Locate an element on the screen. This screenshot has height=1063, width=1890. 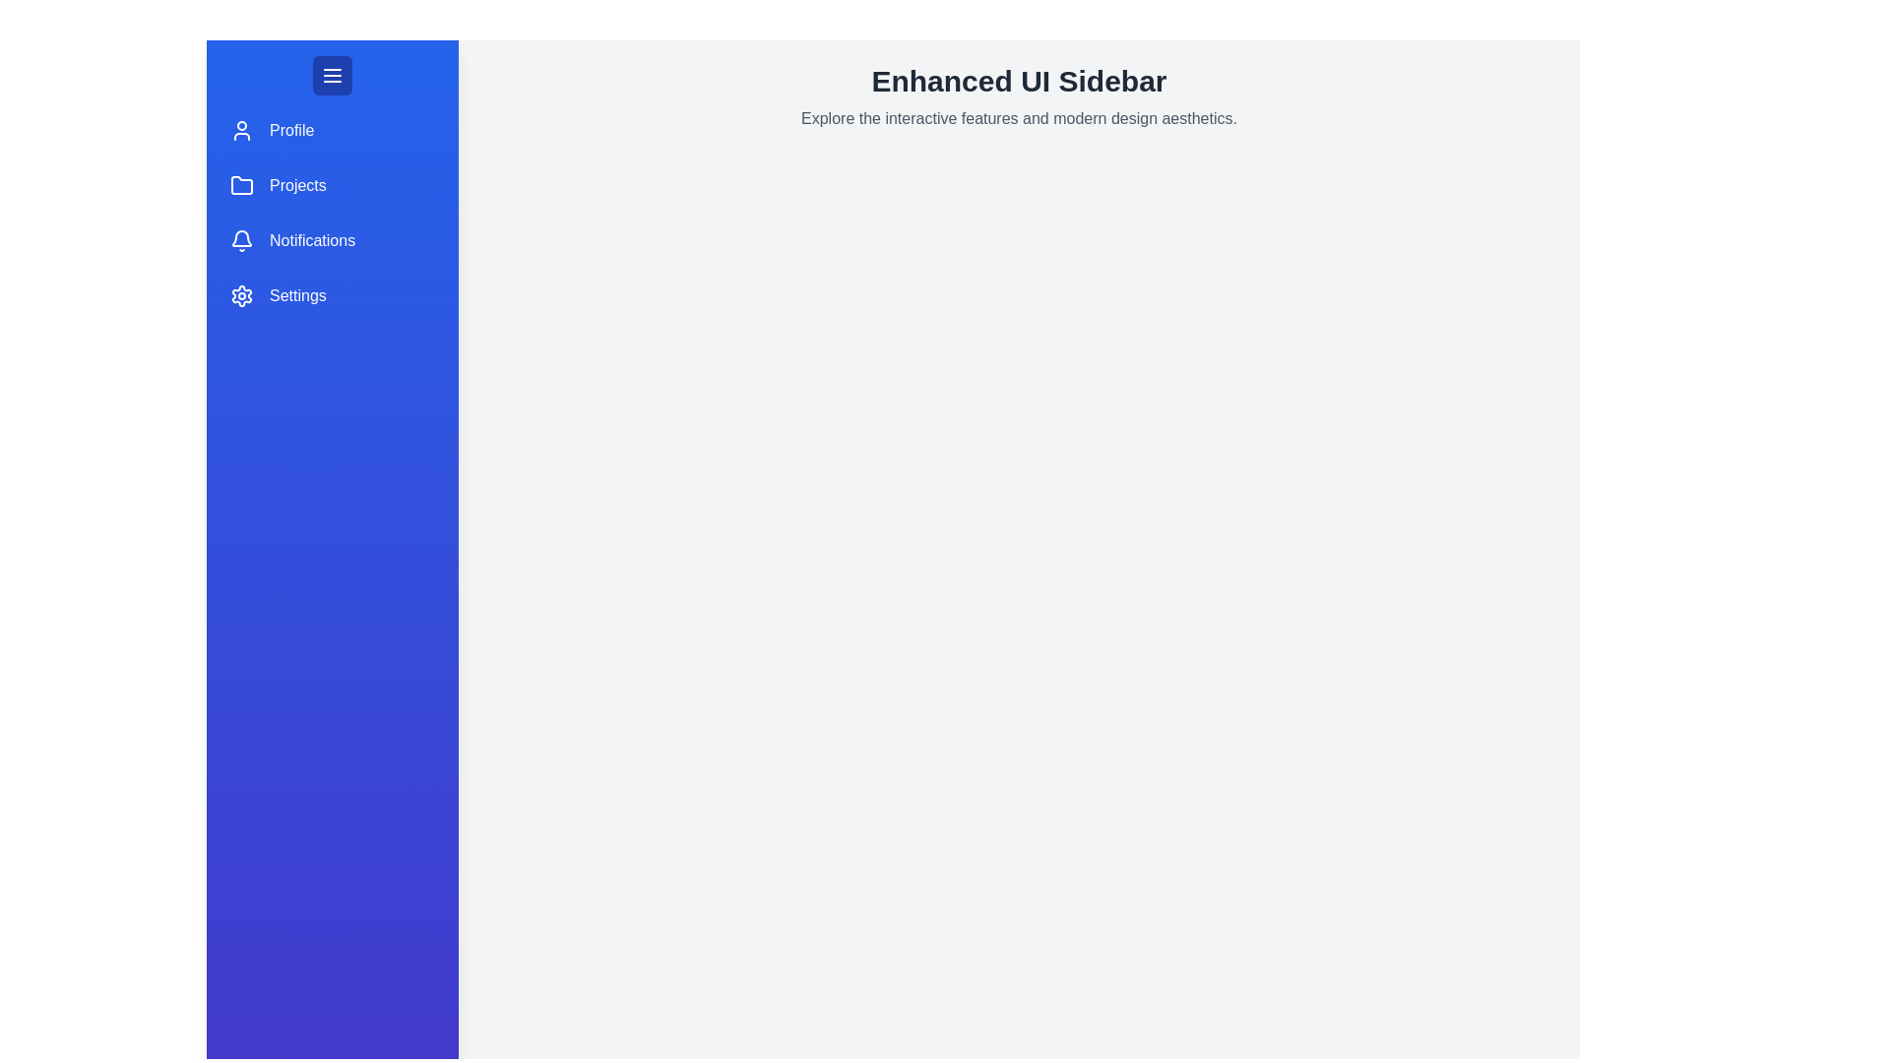
the menu item Notifications in the sidebar is located at coordinates (332, 240).